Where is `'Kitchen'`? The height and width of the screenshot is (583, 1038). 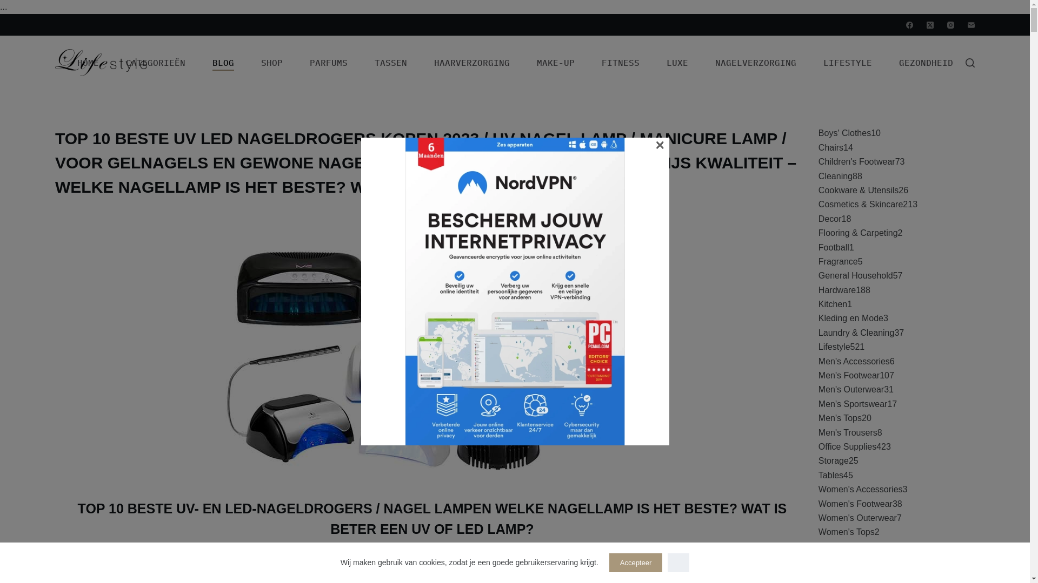
'Kitchen' is located at coordinates (832, 304).